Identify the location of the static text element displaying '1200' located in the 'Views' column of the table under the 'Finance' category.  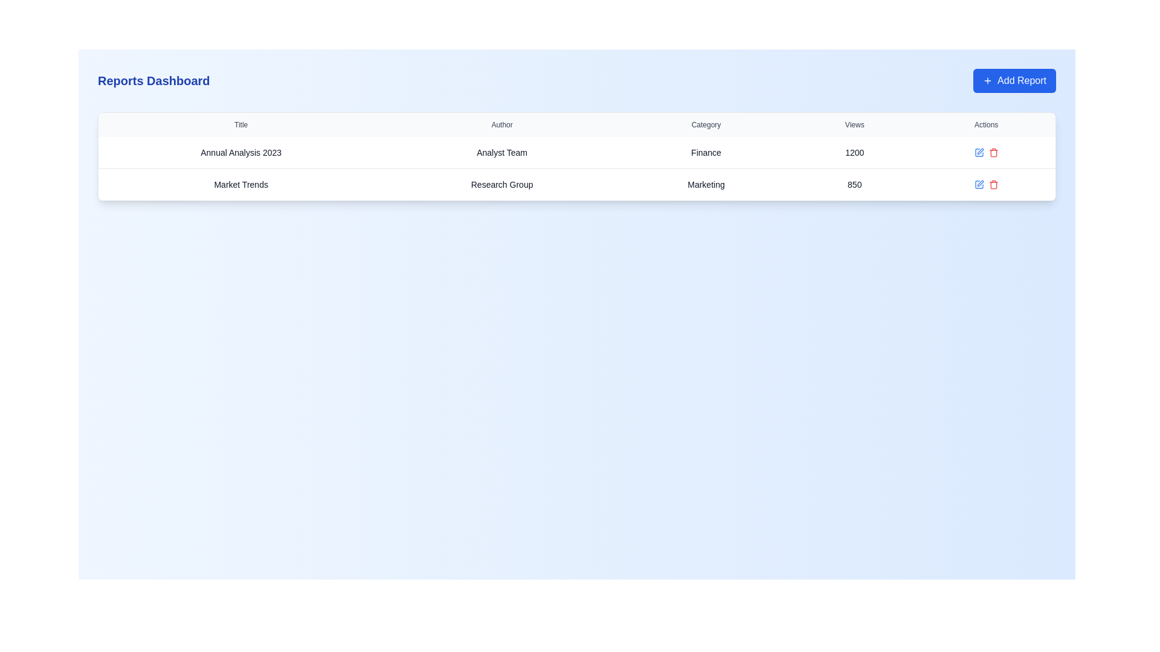
(854, 152).